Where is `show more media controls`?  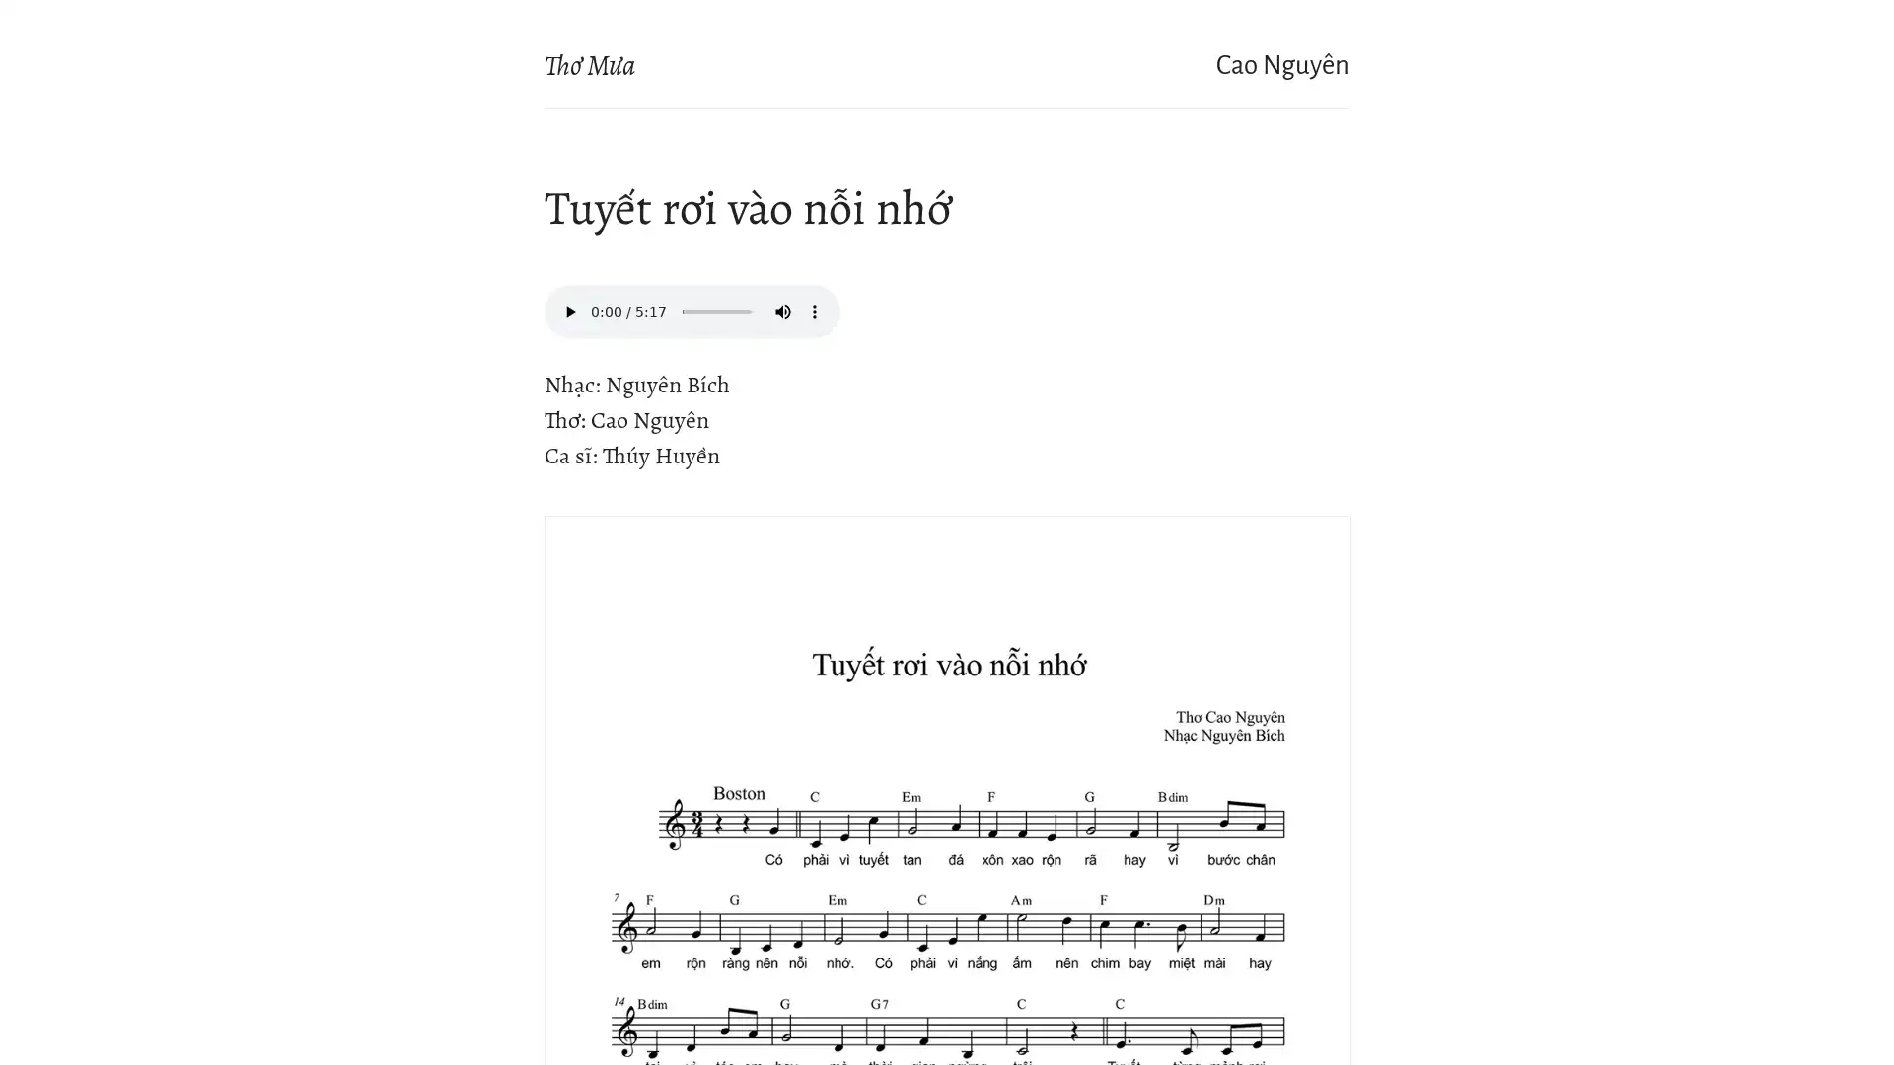
show more media controls is located at coordinates (814, 311).